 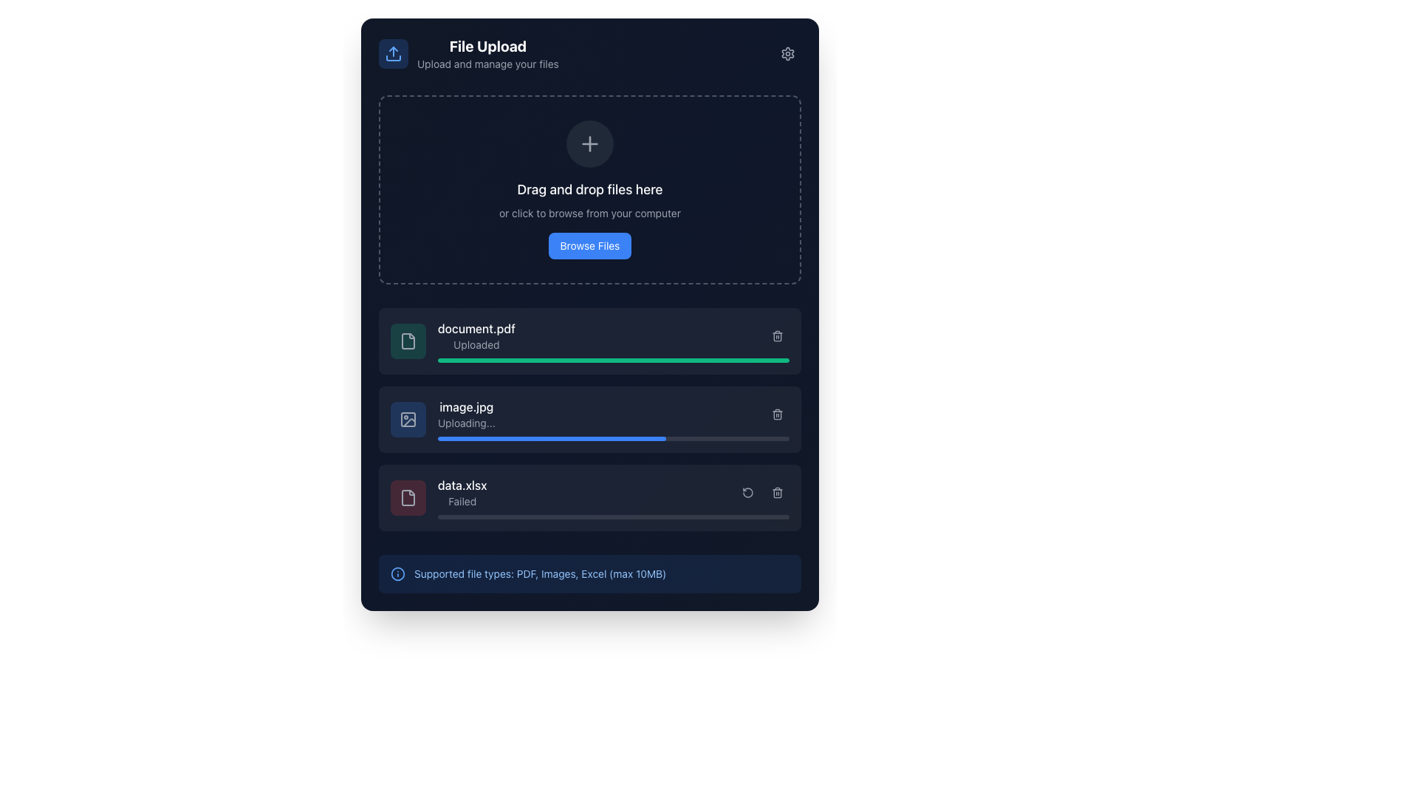 I want to click on the text label that says 'Drag and drop files here', which is styled in bold white font on a dark background, positioned below a '+' icon and above the 'or click to browse from your computer' text, so click(x=589, y=189).